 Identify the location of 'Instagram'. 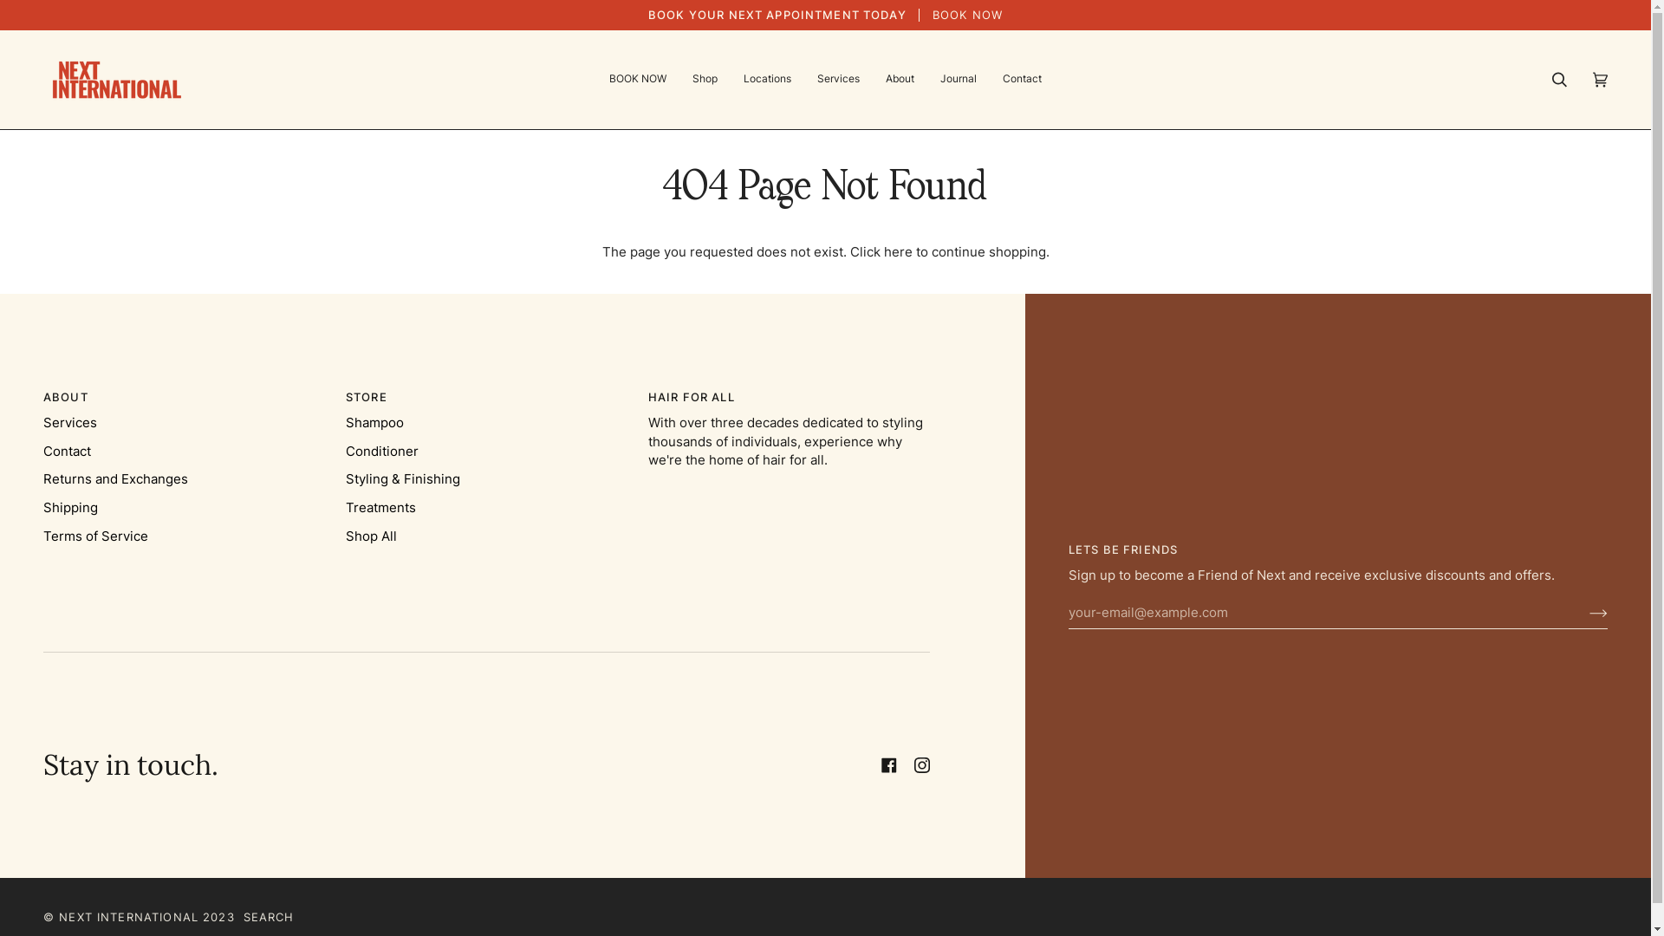
(913, 764).